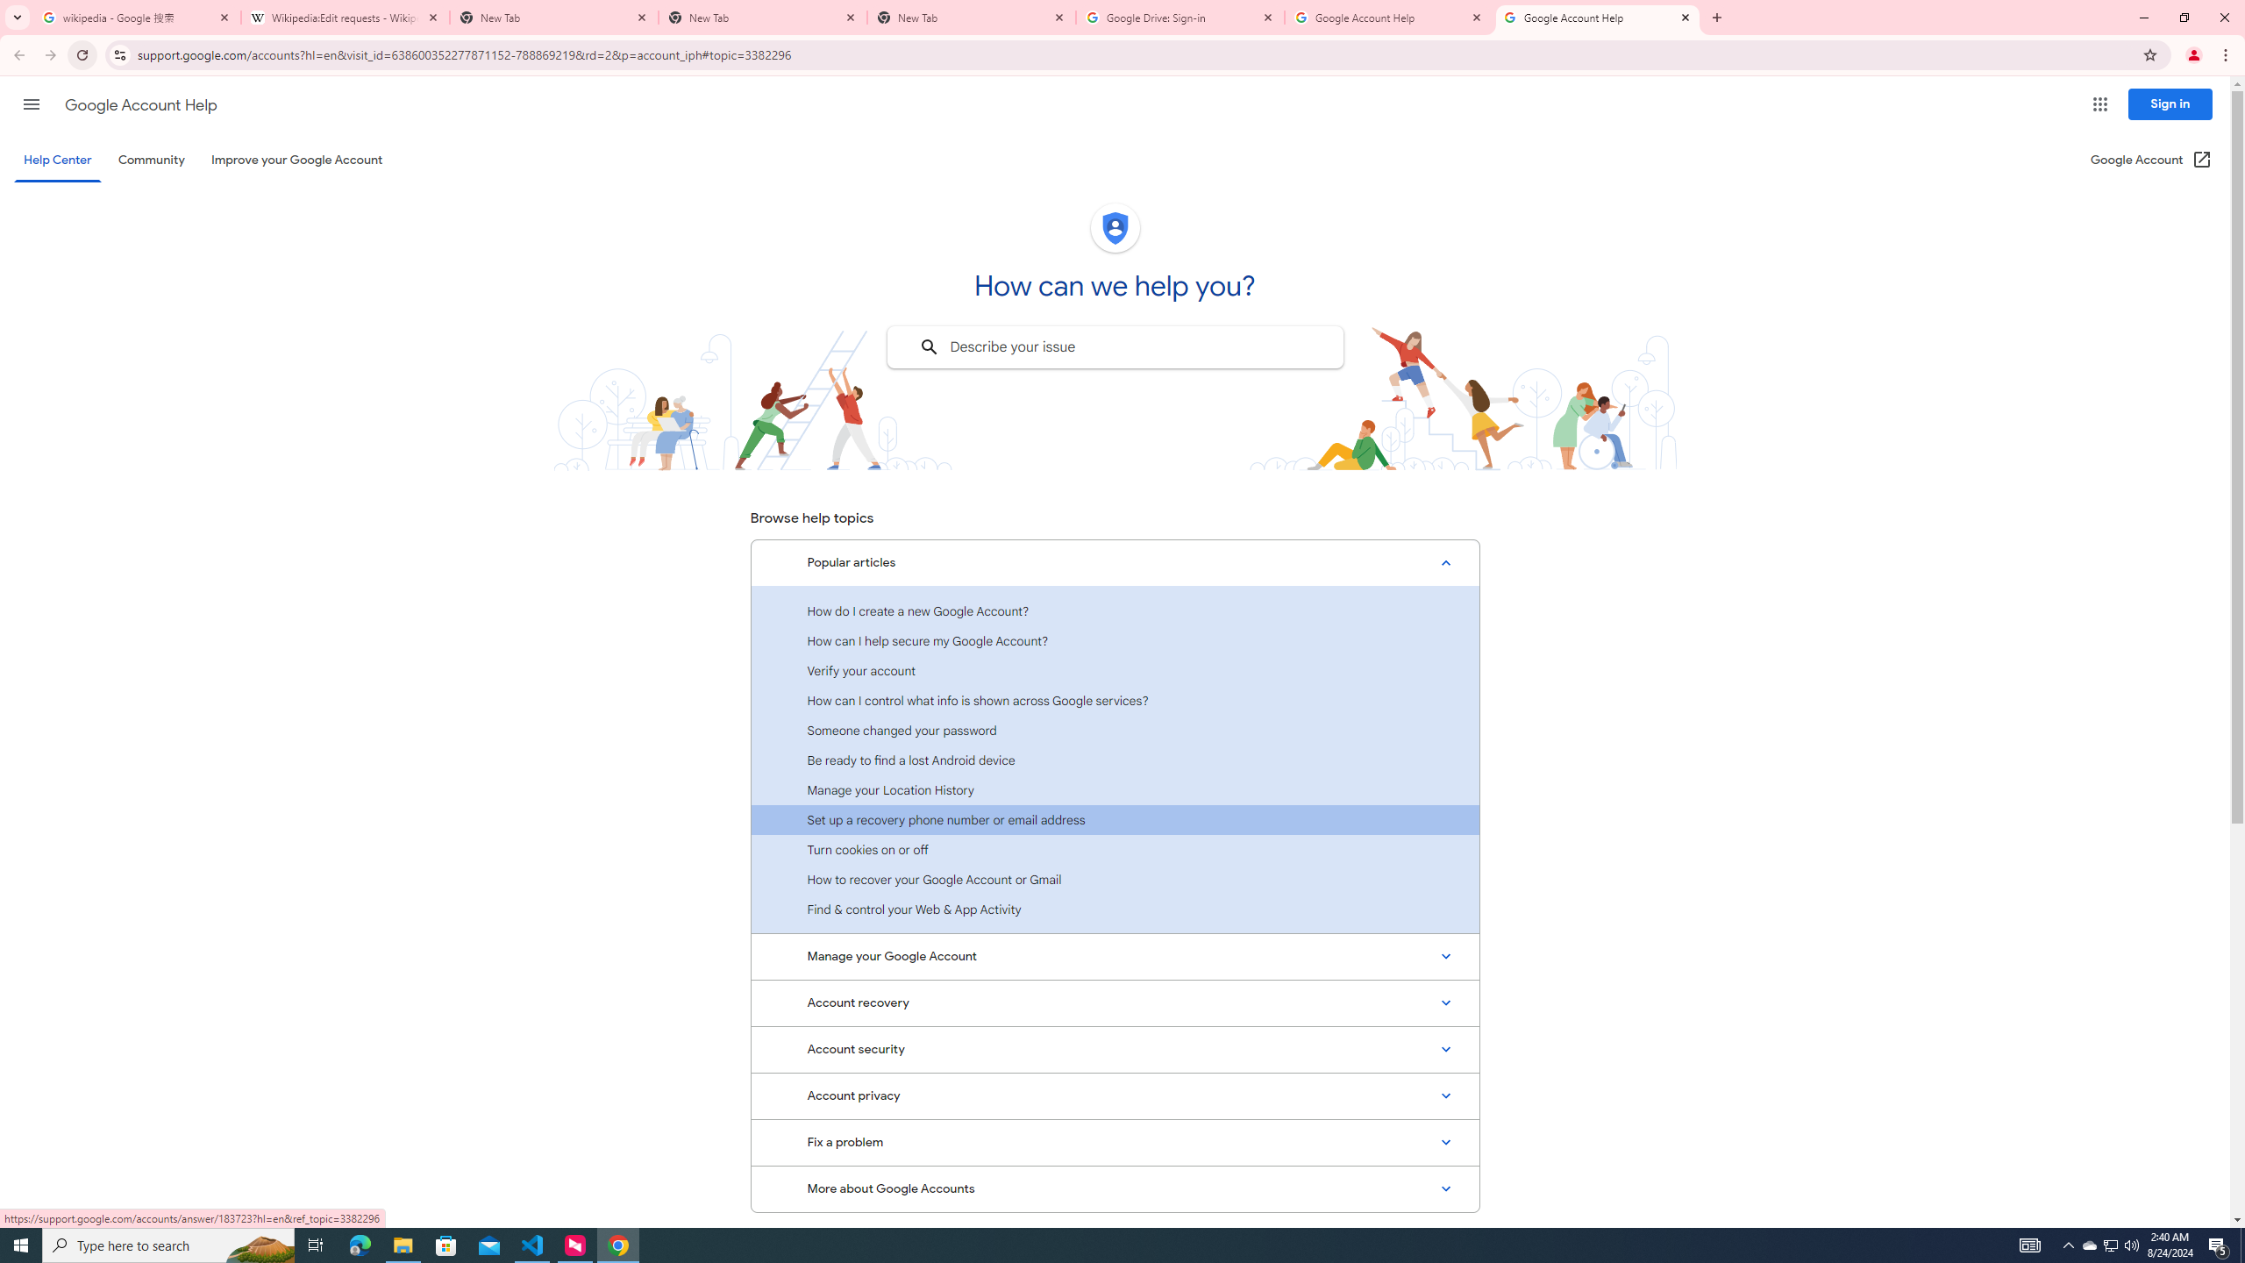 Image resolution: width=2245 pixels, height=1263 pixels. What do you see at coordinates (30, 103) in the screenshot?
I see `'Main menu'` at bounding box center [30, 103].